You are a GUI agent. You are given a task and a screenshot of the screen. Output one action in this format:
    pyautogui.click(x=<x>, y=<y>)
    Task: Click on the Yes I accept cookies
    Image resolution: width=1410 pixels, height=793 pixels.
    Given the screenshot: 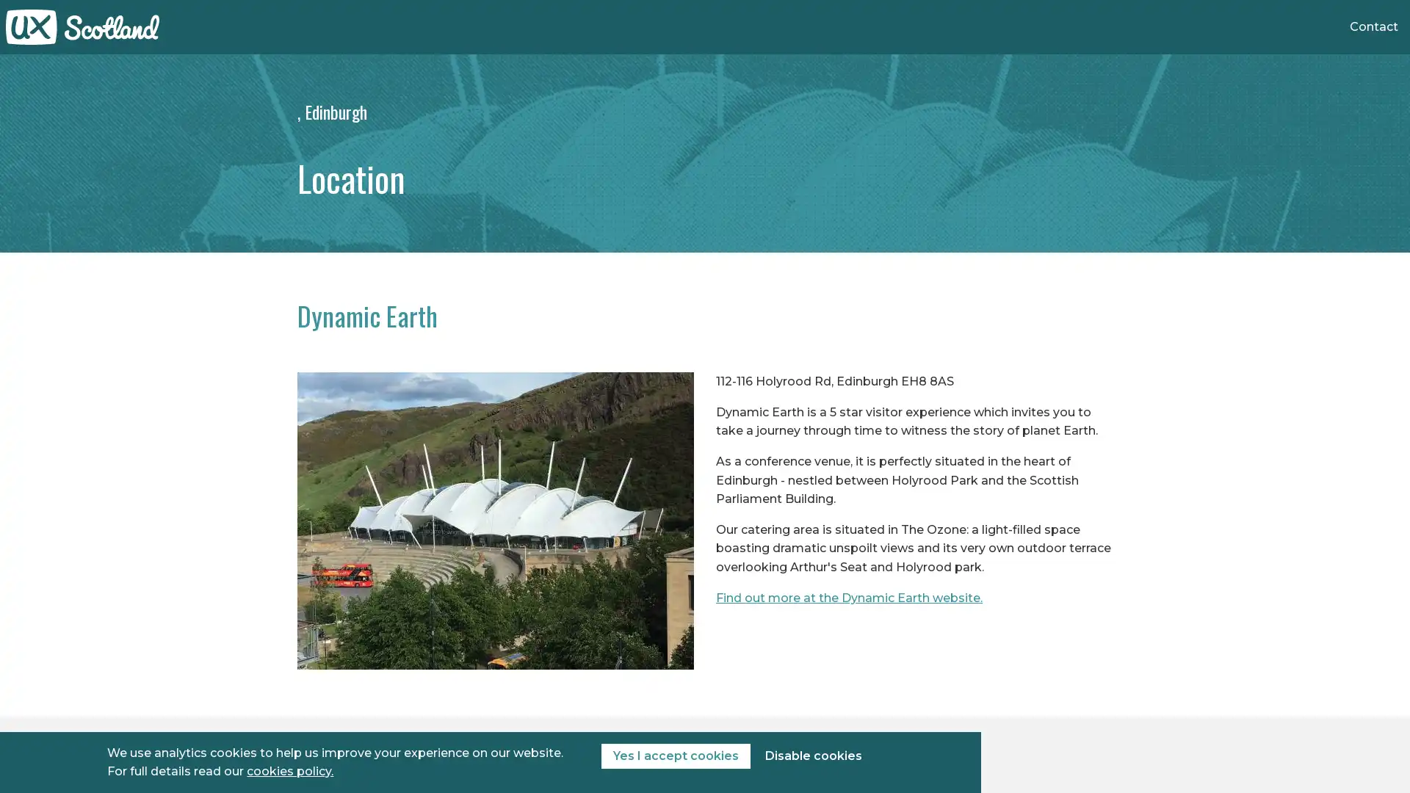 What is the action you would take?
    pyautogui.click(x=674, y=756)
    